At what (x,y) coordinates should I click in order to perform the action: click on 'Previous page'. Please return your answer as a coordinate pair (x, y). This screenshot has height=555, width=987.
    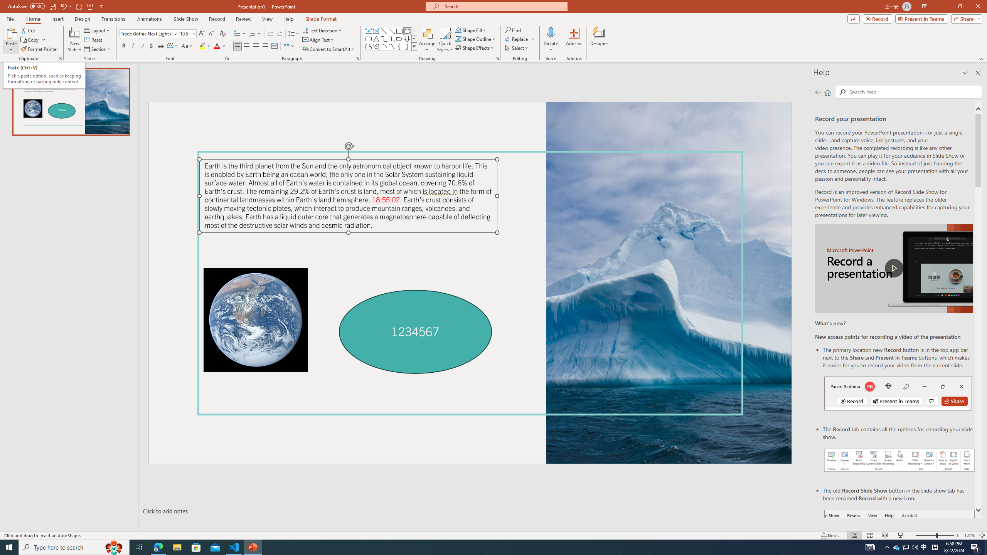
    Looking at the image, I should click on (818, 92).